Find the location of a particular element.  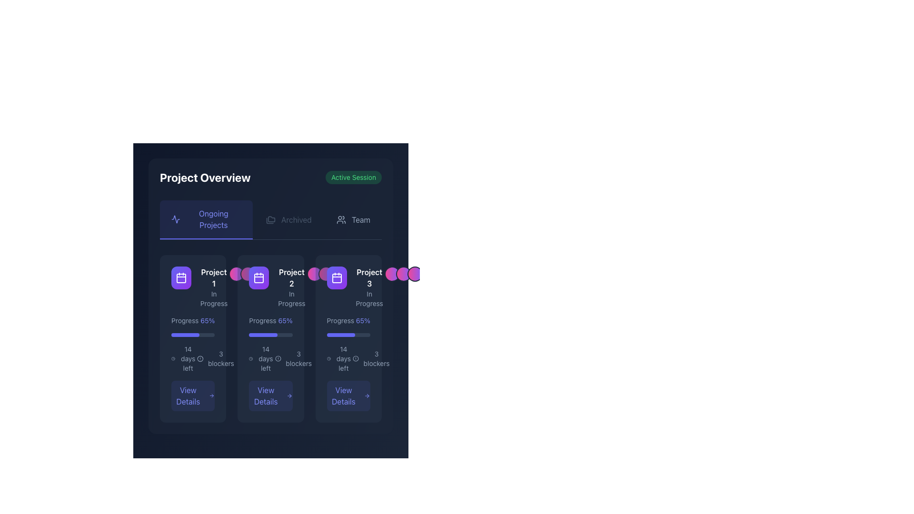

the static text label that indicates the progress percentage of the associated project, positioned above the horizontal progress bar in the project card is located at coordinates (192, 321).